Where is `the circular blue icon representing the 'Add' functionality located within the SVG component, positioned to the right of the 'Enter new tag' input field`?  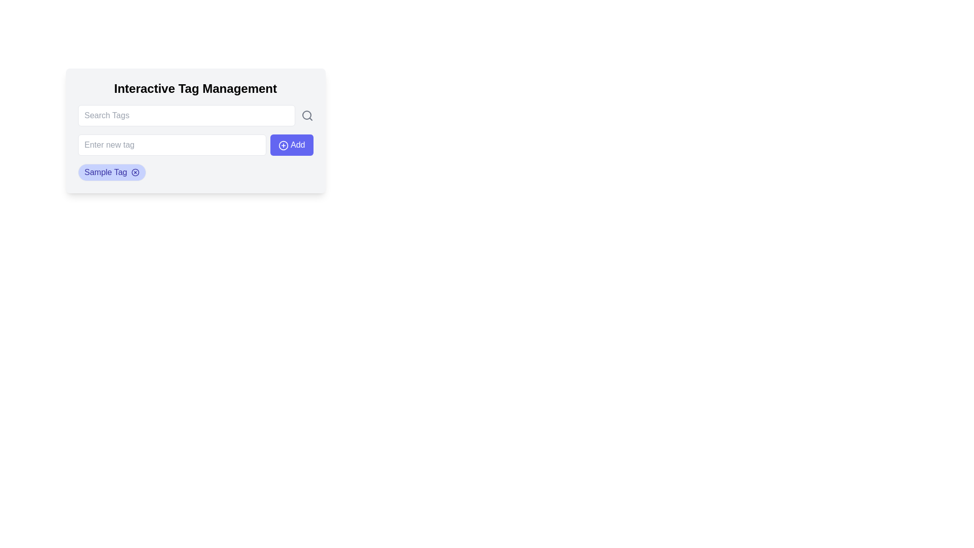
the circular blue icon representing the 'Add' functionality located within the SVG component, positioned to the right of the 'Enter new tag' input field is located at coordinates (284, 145).